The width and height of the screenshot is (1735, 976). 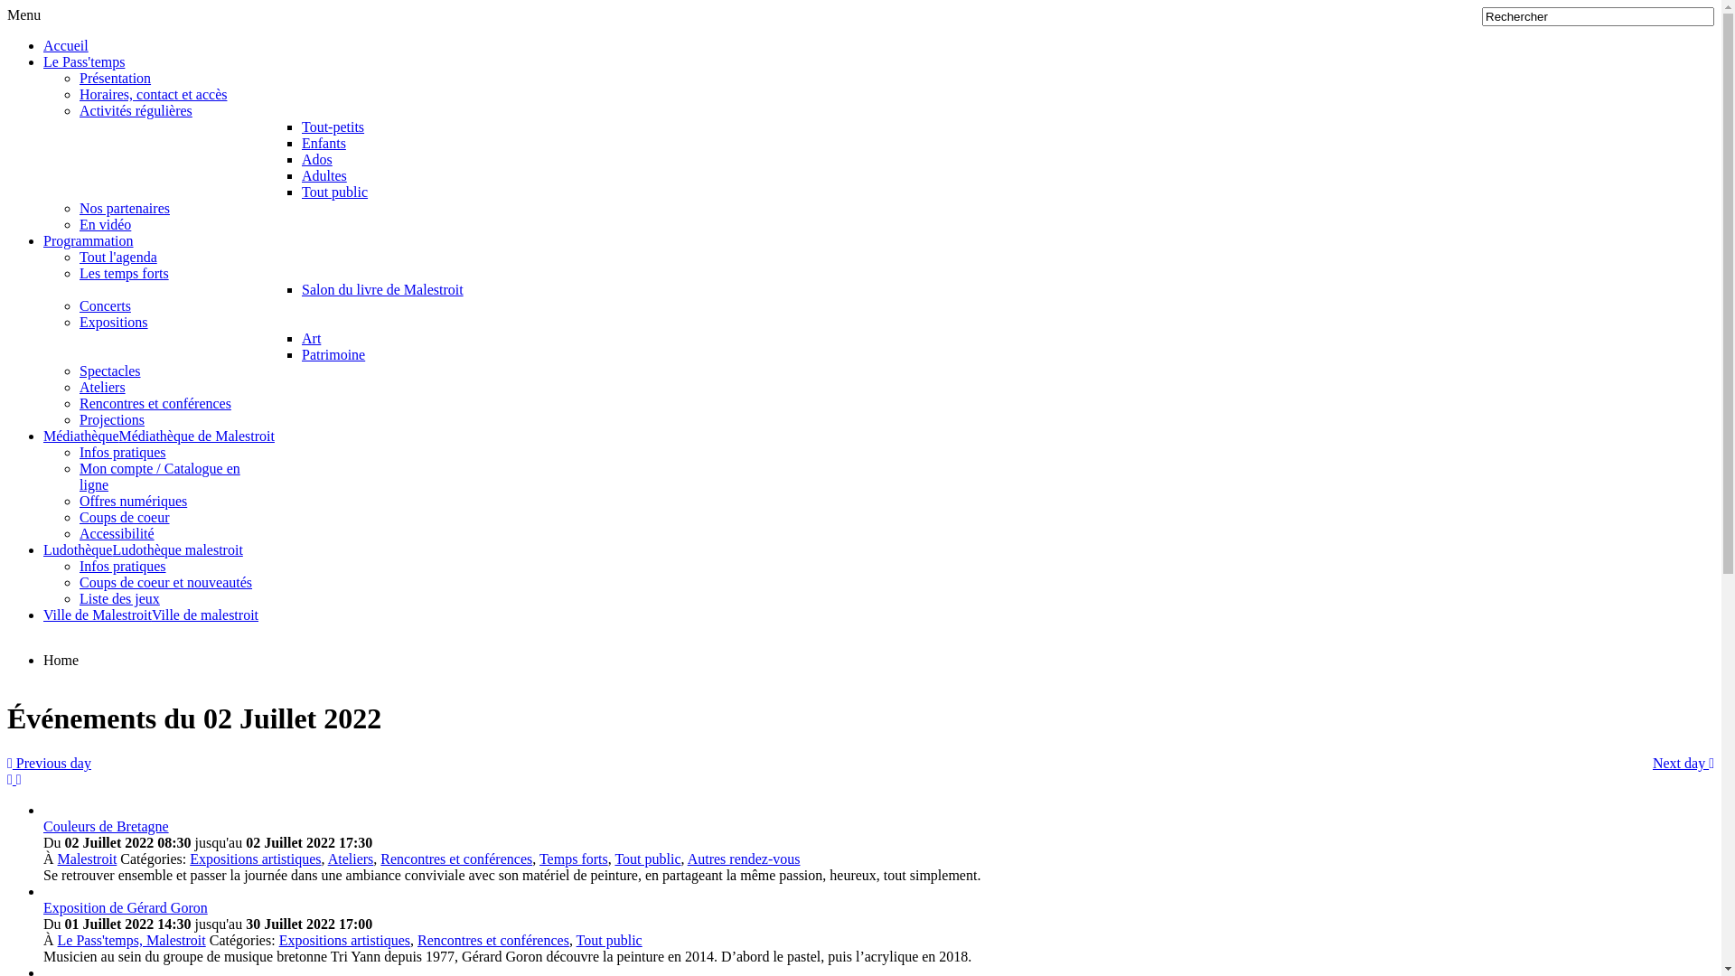 What do you see at coordinates (57, 939) in the screenshot?
I see `'Le Pass'temps, Malestroit'` at bounding box center [57, 939].